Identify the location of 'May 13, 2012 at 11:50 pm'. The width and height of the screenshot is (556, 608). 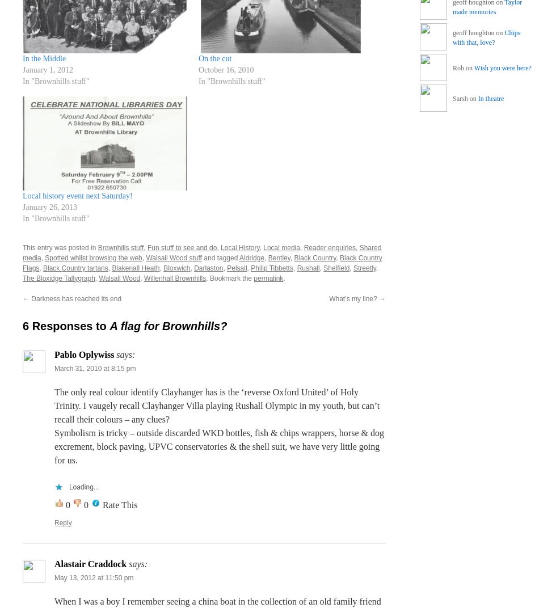
(94, 577).